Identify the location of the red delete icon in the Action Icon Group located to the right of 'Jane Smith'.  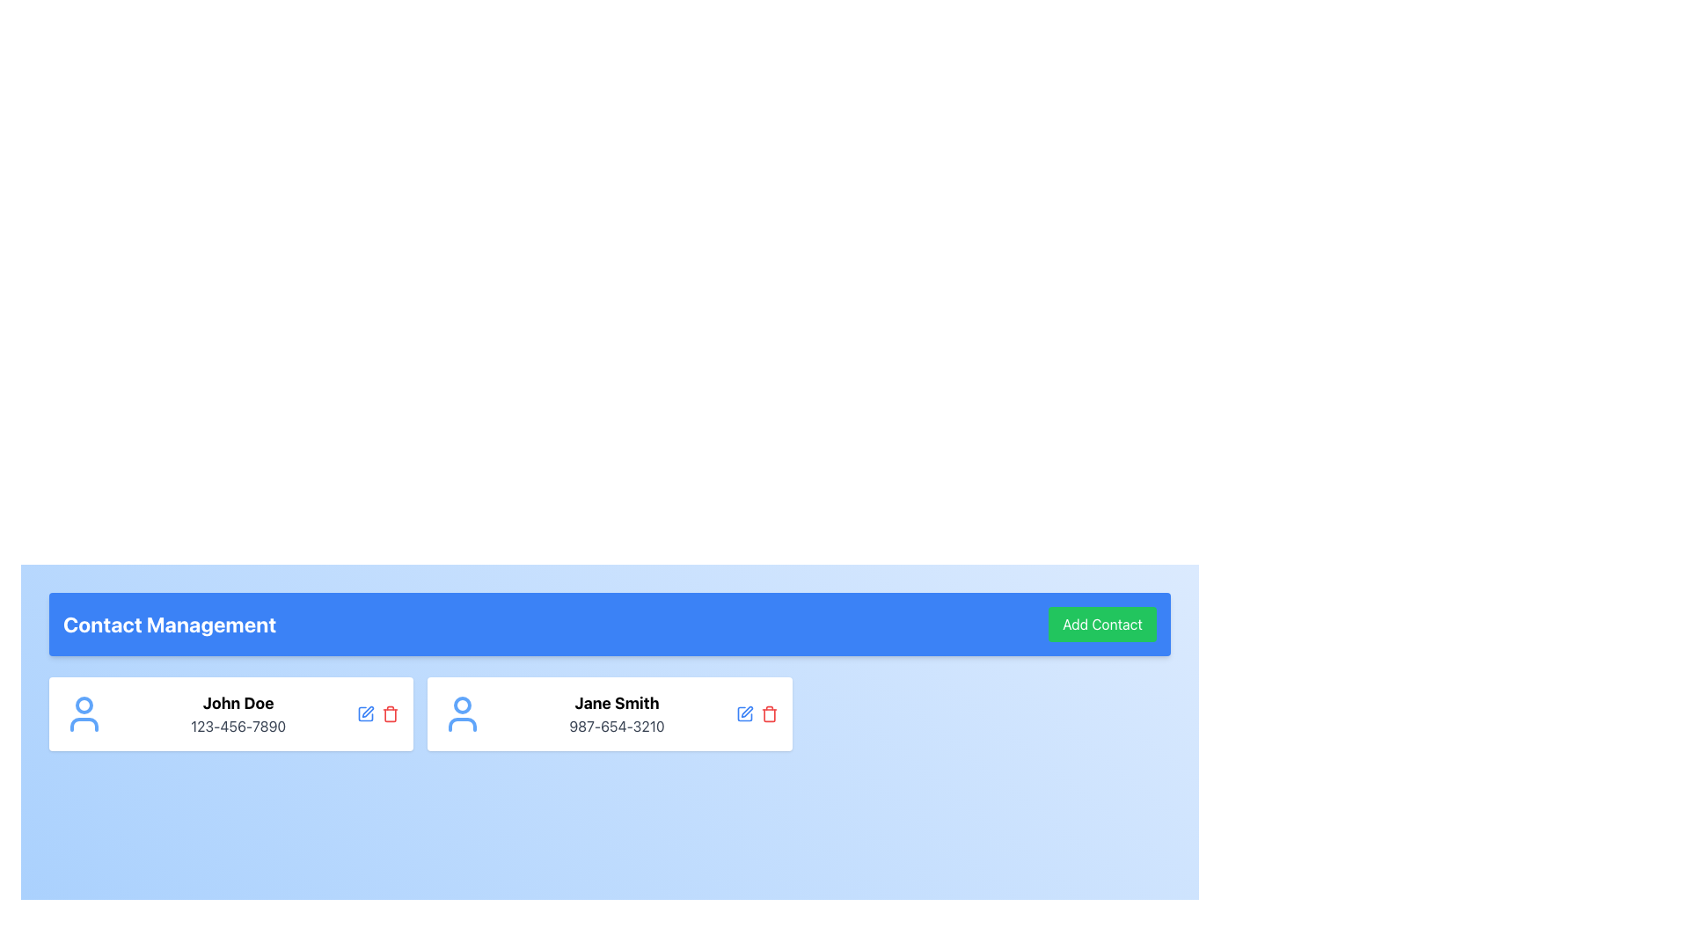
(757, 714).